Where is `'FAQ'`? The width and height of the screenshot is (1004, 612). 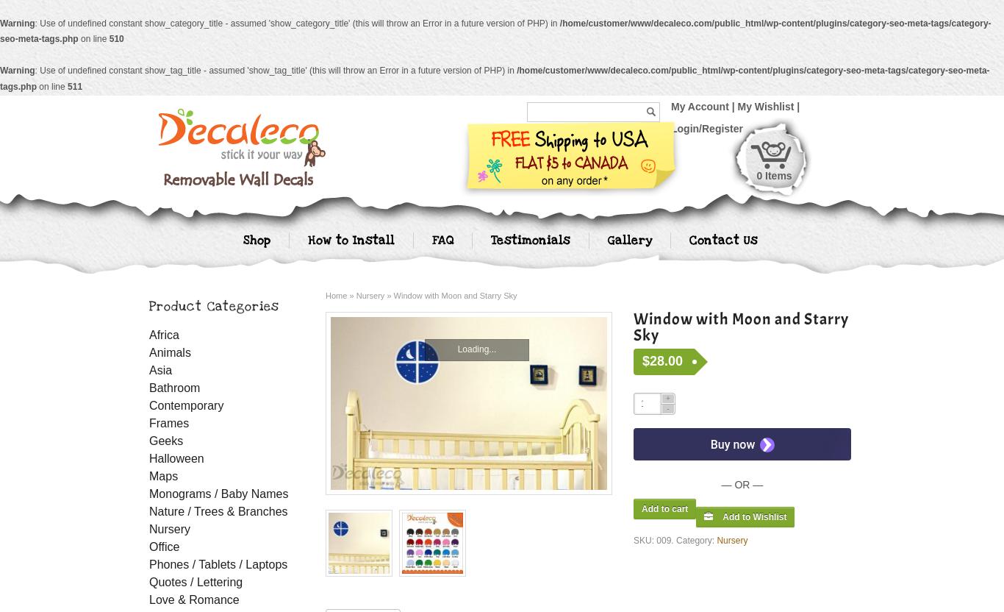
'FAQ' is located at coordinates (441, 239).